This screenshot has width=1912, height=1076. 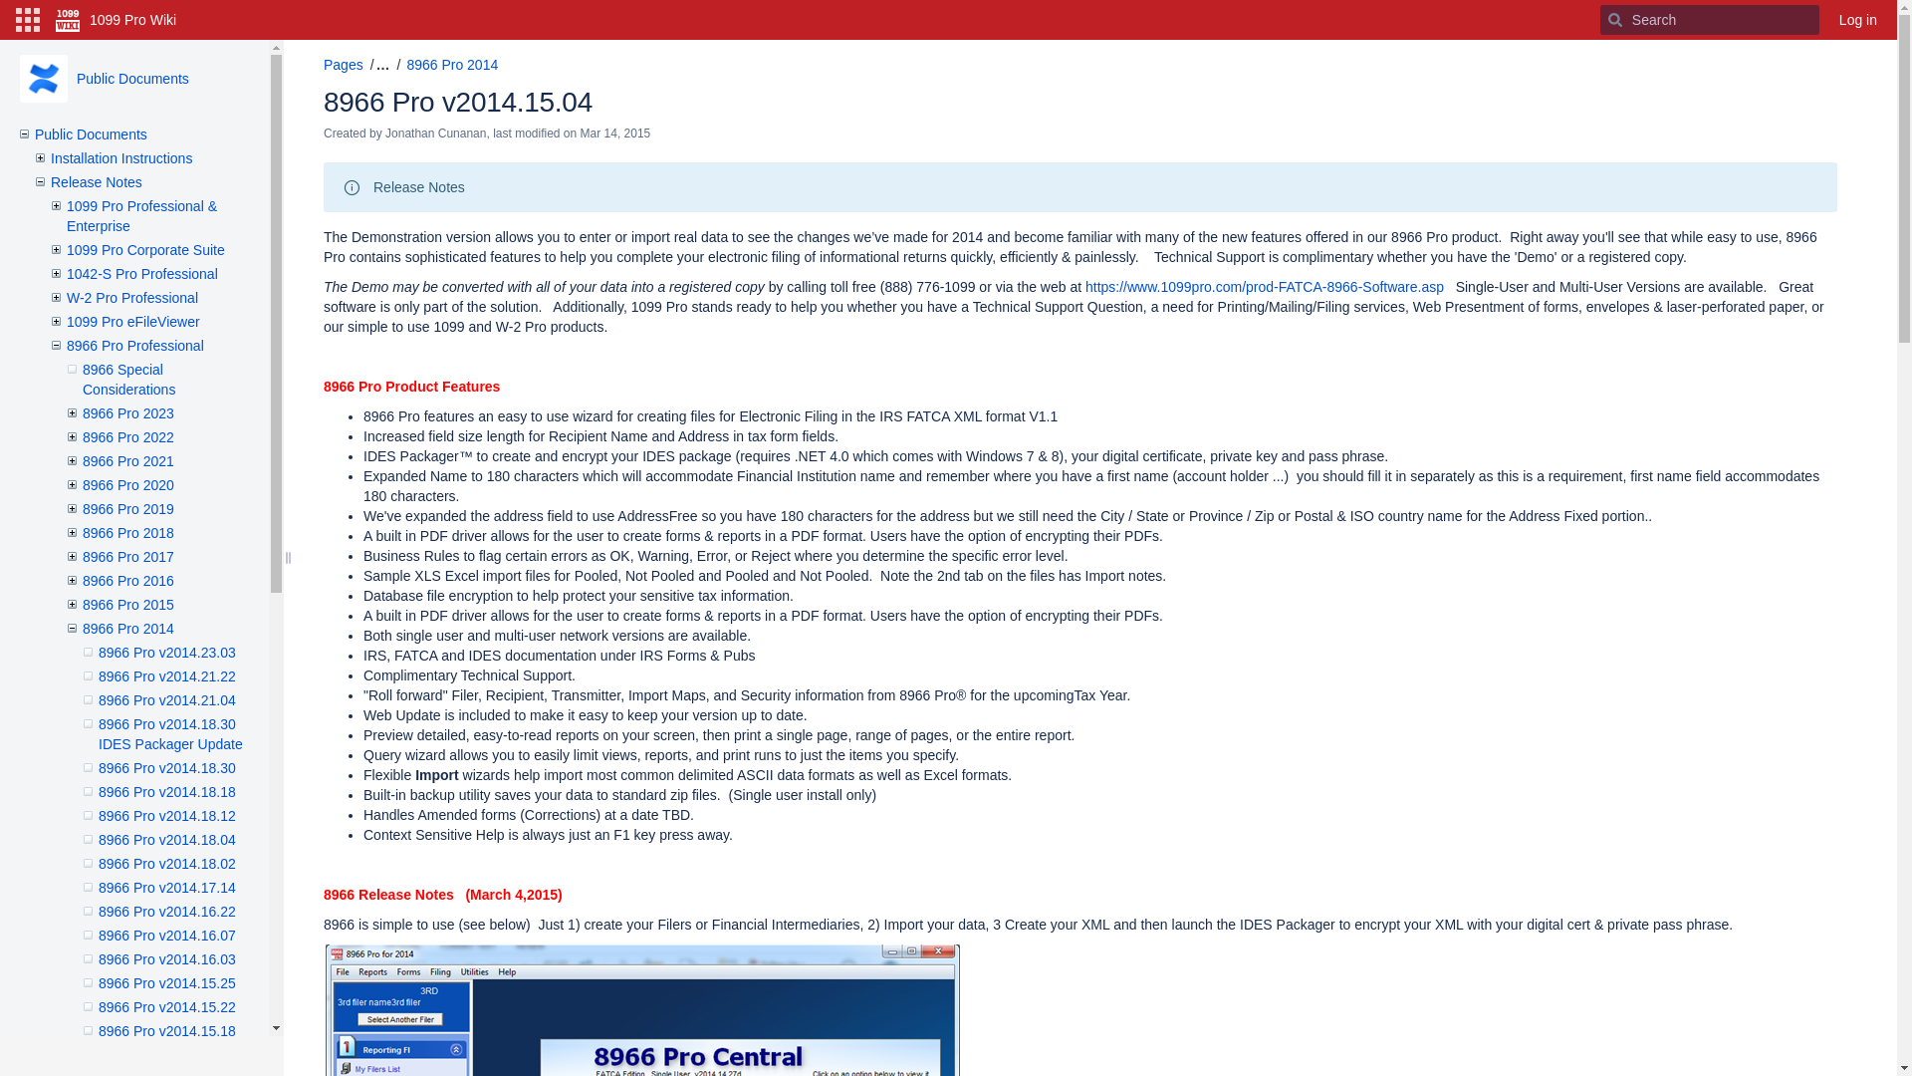 I want to click on '8966 Pro v2014.18.18', so click(x=98, y=790).